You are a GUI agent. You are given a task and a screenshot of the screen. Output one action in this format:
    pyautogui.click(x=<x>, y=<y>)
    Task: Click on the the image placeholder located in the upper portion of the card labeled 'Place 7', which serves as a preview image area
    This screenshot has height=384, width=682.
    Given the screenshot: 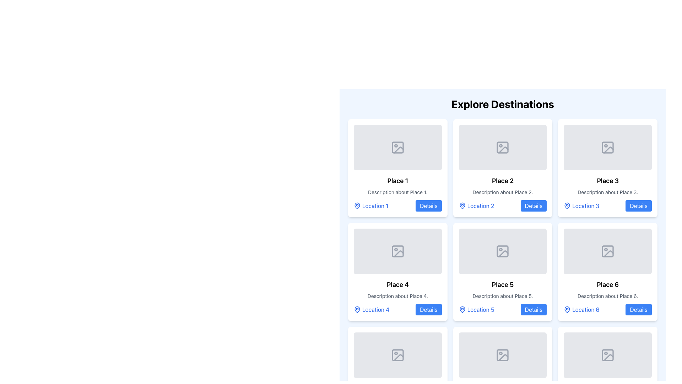 What is the action you would take?
    pyautogui.click(x=397, y=355)
    